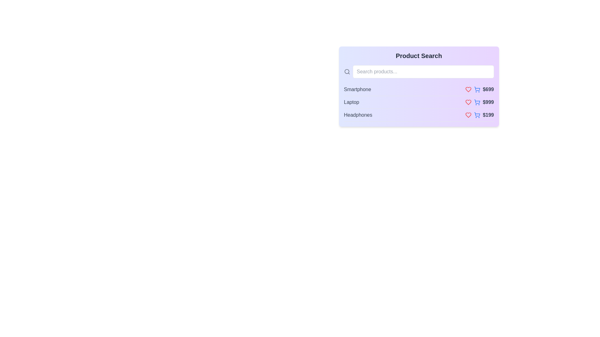  What do you see at coordinates (419, 71) in the screenshot?
I see `and drop the Search Bar located beneath the 'Product Search' header, which contains a text input field for searching products` at bounding box center [419, 71].